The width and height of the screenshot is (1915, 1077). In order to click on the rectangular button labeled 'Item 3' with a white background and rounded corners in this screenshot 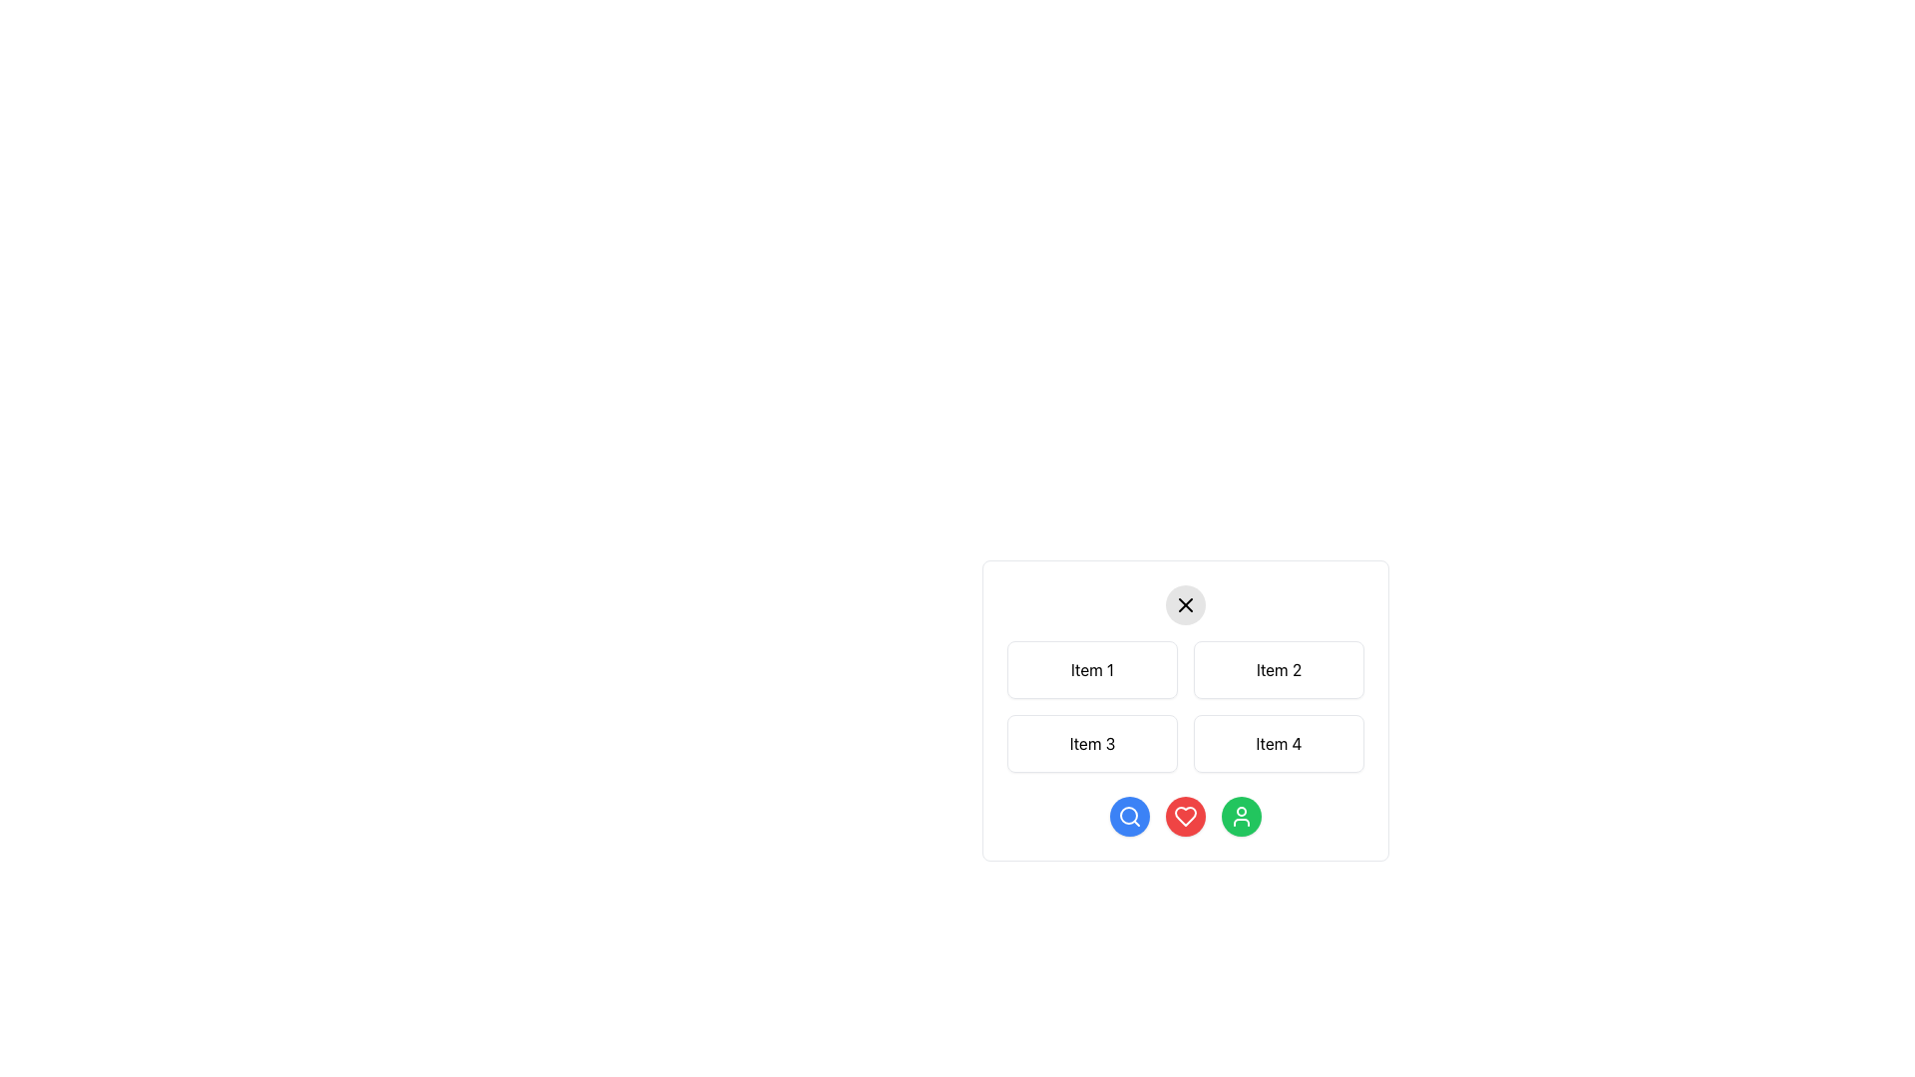, I will do `click(1091, 743)`.